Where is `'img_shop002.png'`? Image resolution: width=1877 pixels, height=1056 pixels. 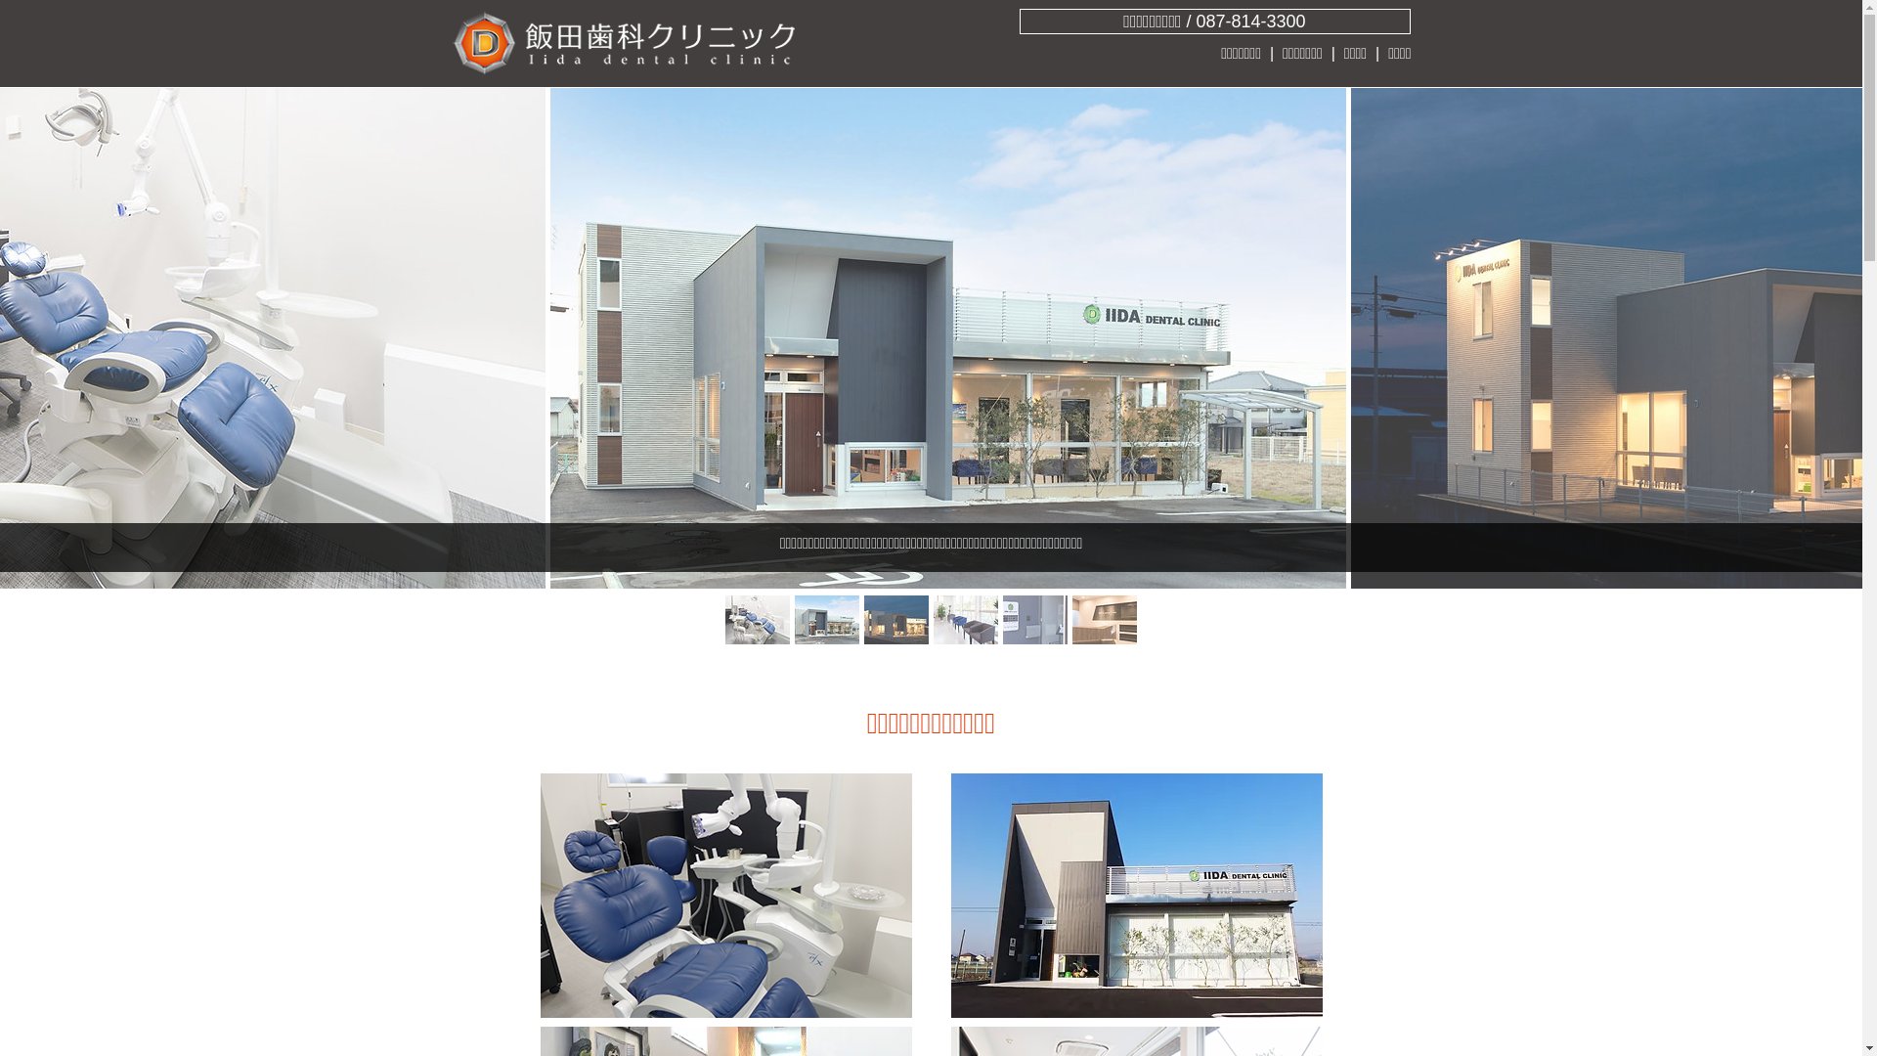 'img_shop002.png' is located at coordinates (724, 895).